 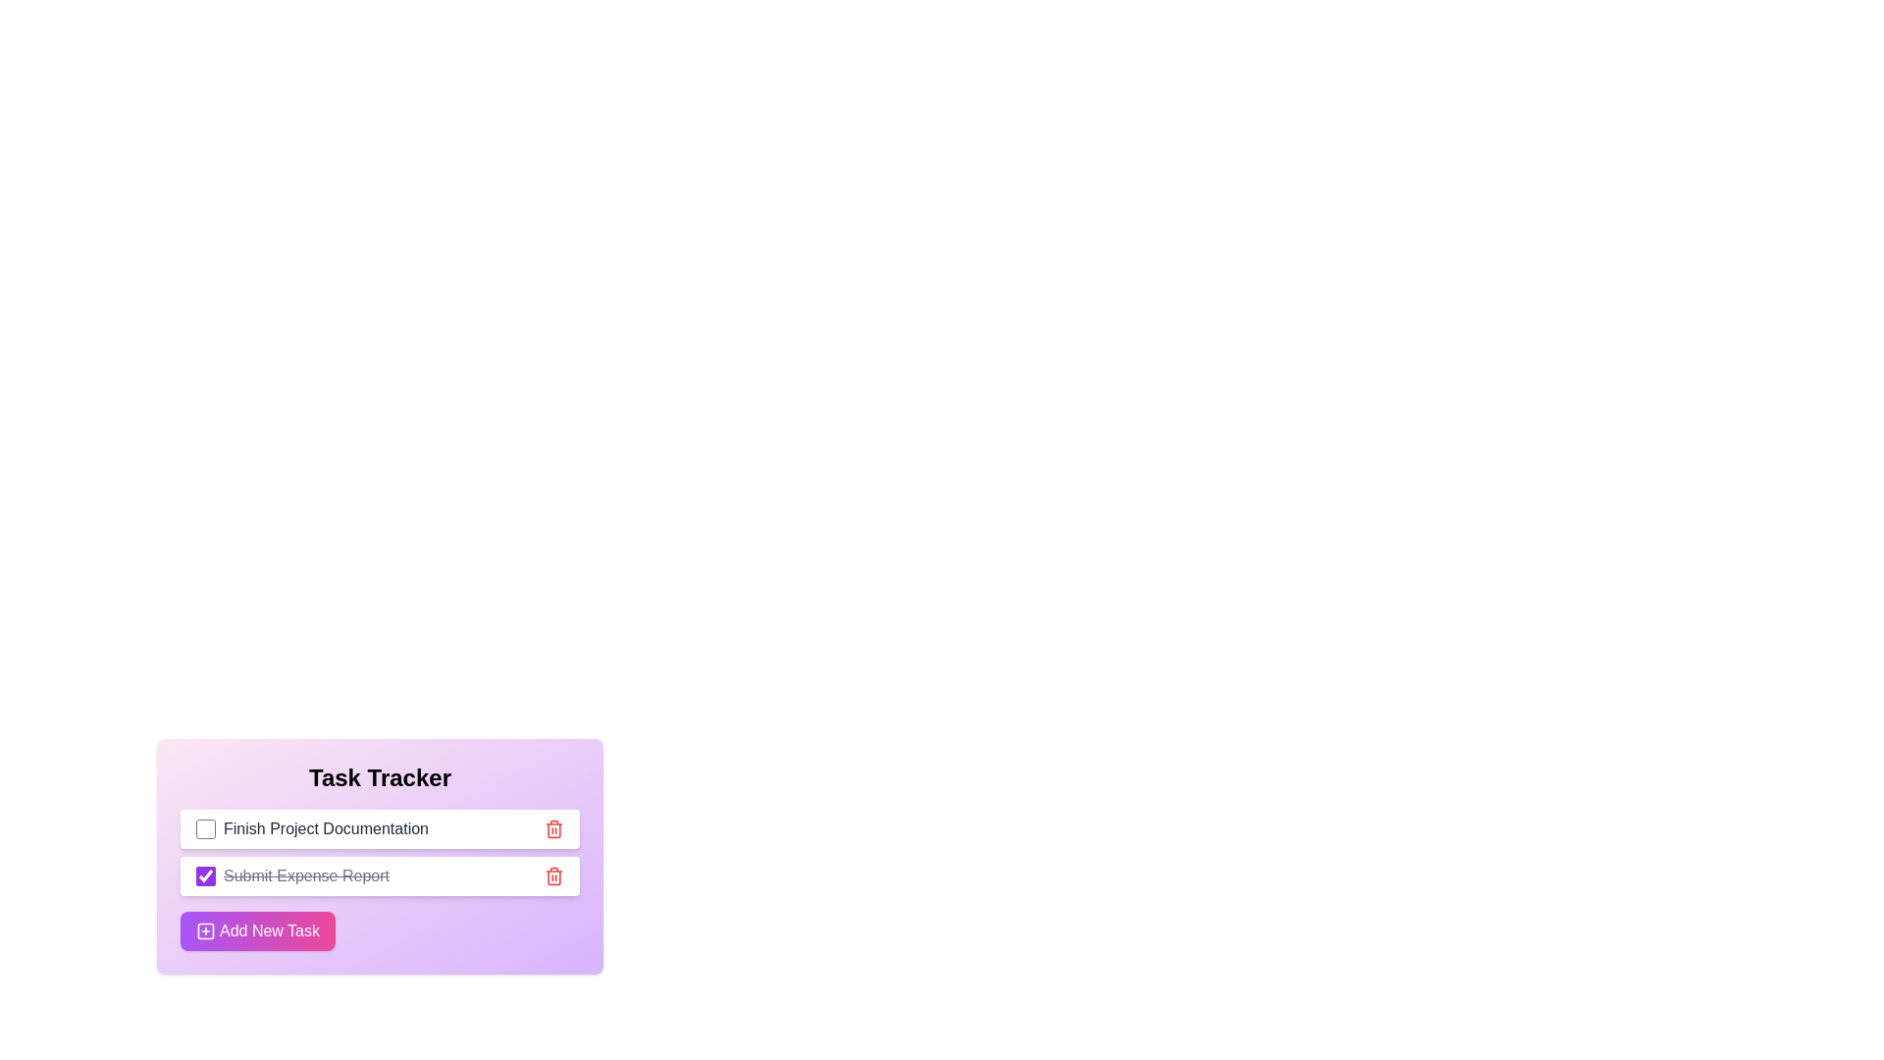 I want to click on the checkbox of the task entry labeled 'Finish Project Documentation', so click(x=380, y=828).